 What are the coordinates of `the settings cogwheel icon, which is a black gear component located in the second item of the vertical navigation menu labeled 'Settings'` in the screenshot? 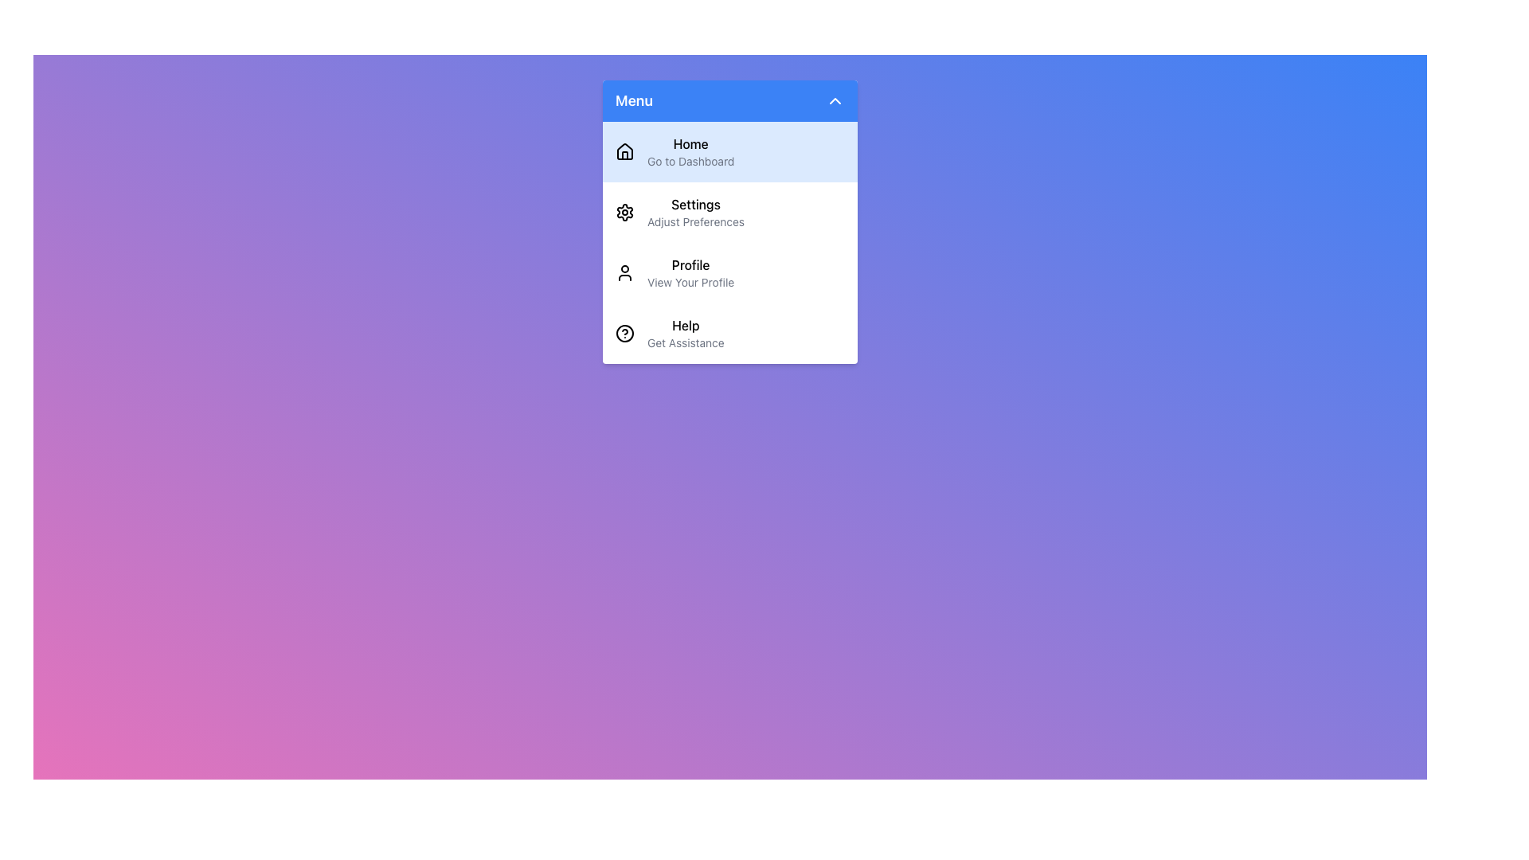 It's located at (624, 211).